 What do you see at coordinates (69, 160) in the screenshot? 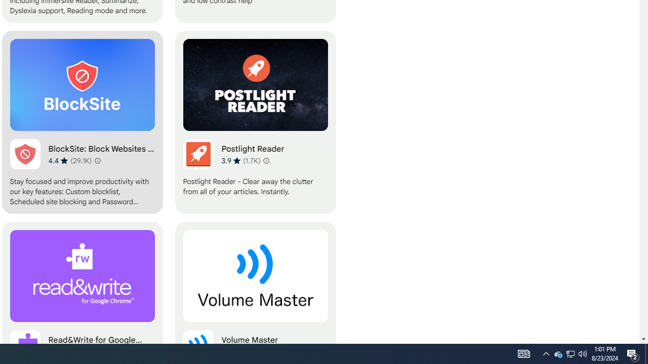
I see `'Average rating 4.4 out of 5 stars. 29.1K ratings.'` at bounding box center [69, 160].